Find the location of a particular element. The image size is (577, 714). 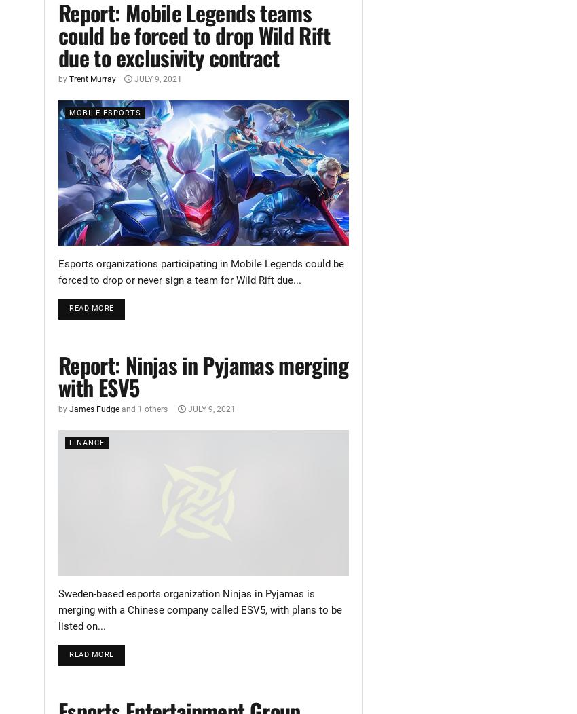

'Mobile Esports' is located at coordinates (105, 112).